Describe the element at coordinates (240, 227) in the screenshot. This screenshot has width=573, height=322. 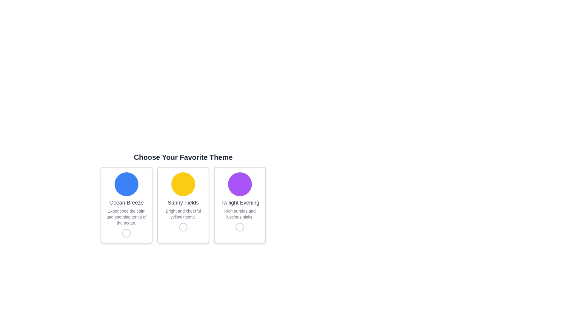
I see `the circular radio button located within the 'Twilight Evening' card` at that location.